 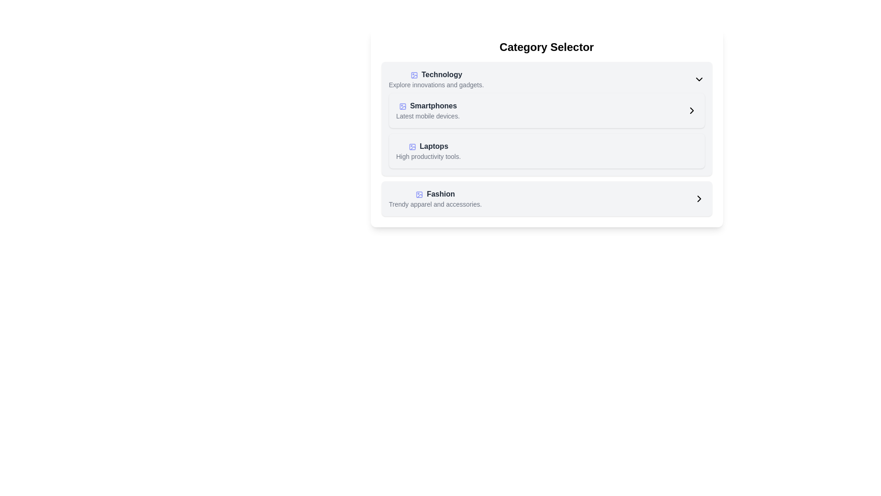 I want to click on the 'Laptops' category button, which describes 'High productivity tools', so click(x=546, y=150).